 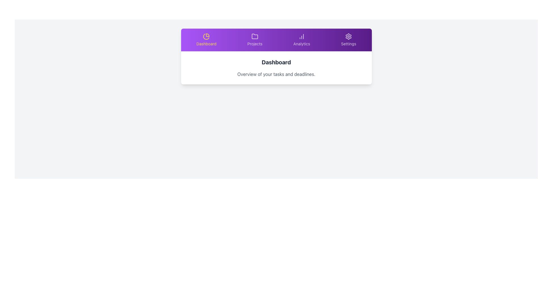 I want to click on the navigation button located in the second position of the menu, so click(x=254, y=40).